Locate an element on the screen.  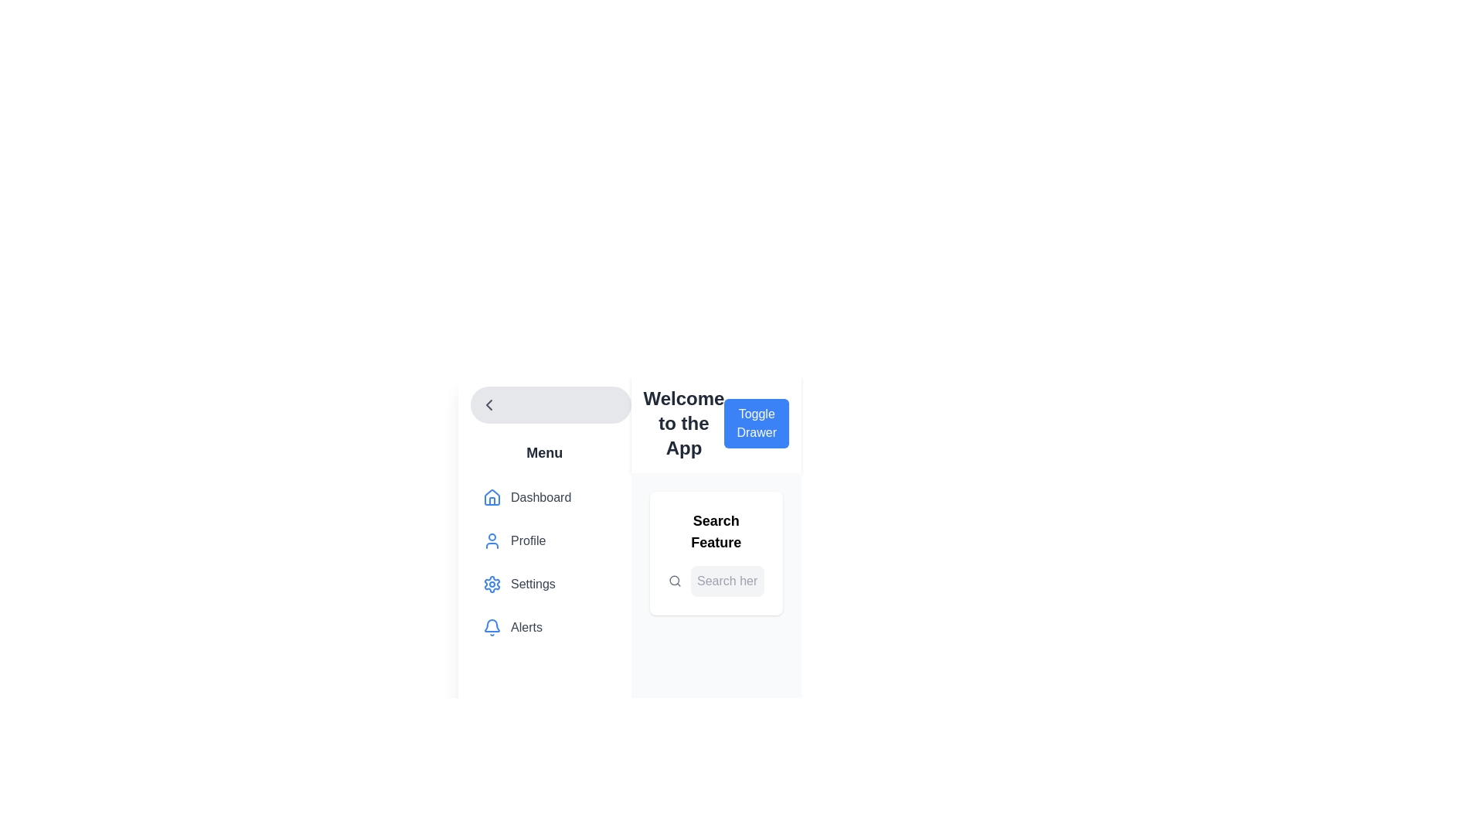
the circular icon that resembles a magnifying glass, located in the search feature section to the right of the main content area is located at coordinates (674, 581).